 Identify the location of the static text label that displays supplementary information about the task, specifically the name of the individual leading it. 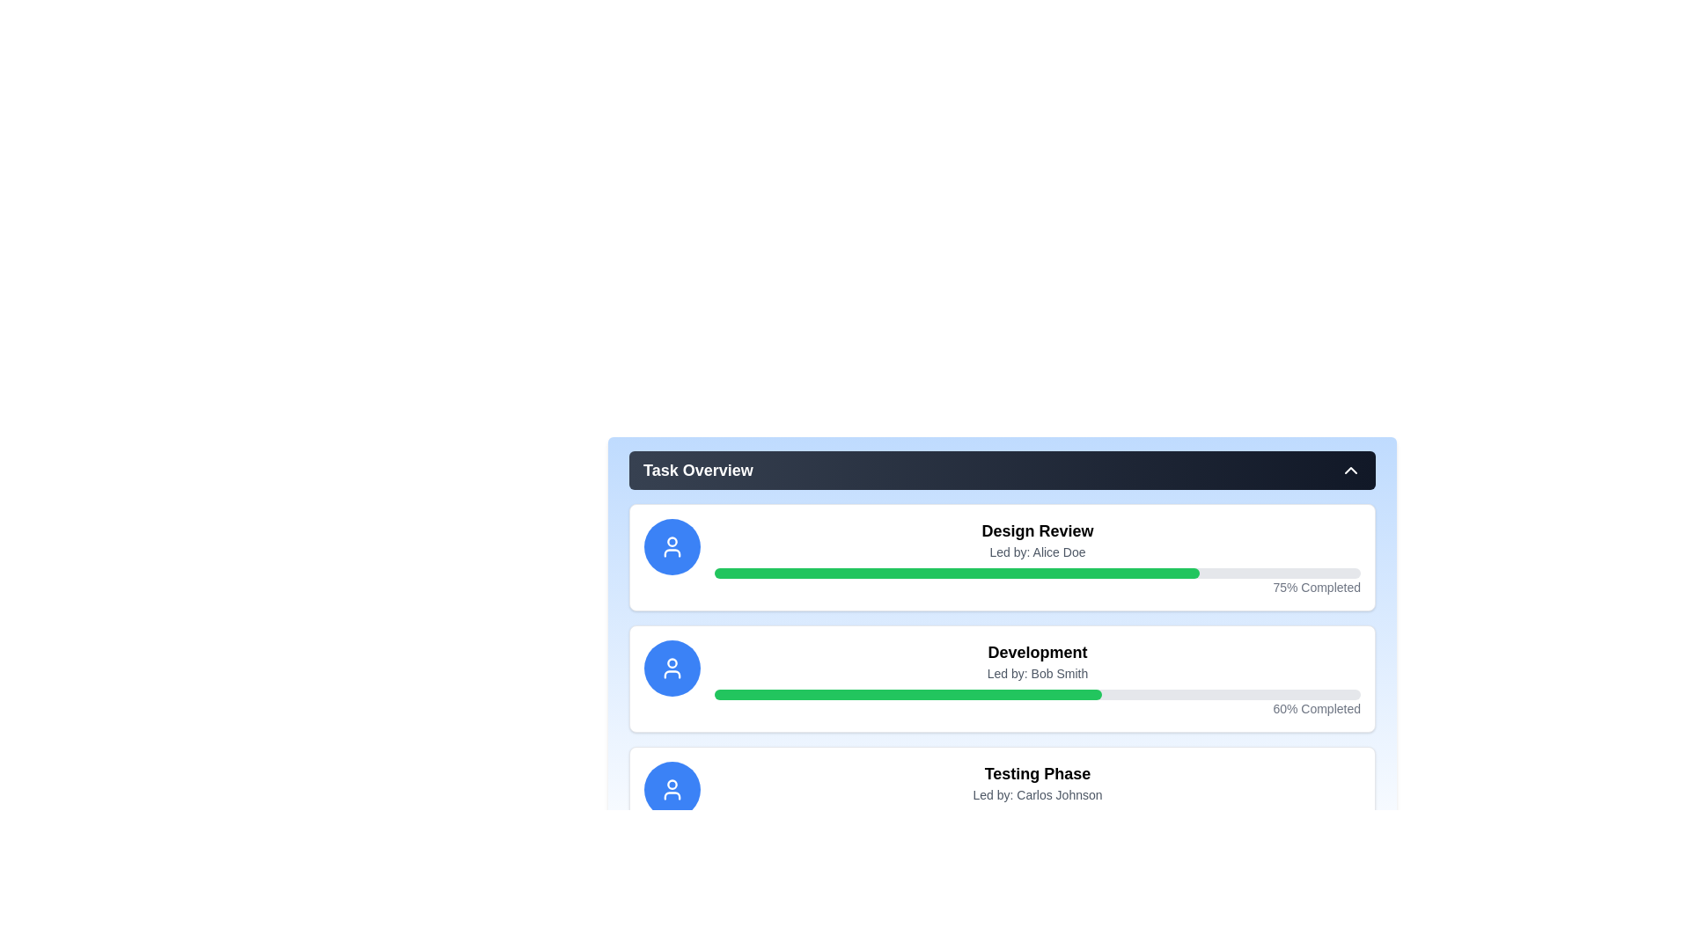
(1038, 794).